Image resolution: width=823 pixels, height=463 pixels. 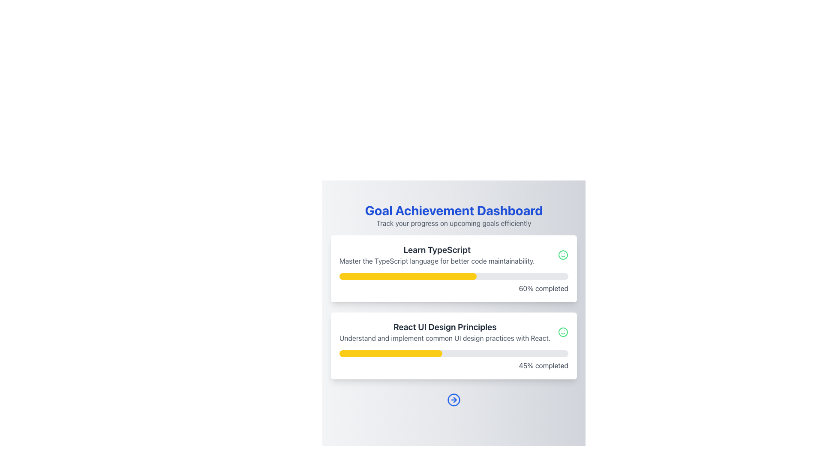 I want to click on text label displaying 'Learn TypeScript', which is formatted in medium-large bold dark gray font and is positioned at the top-center of the card layout, so click(x=437, y=250).